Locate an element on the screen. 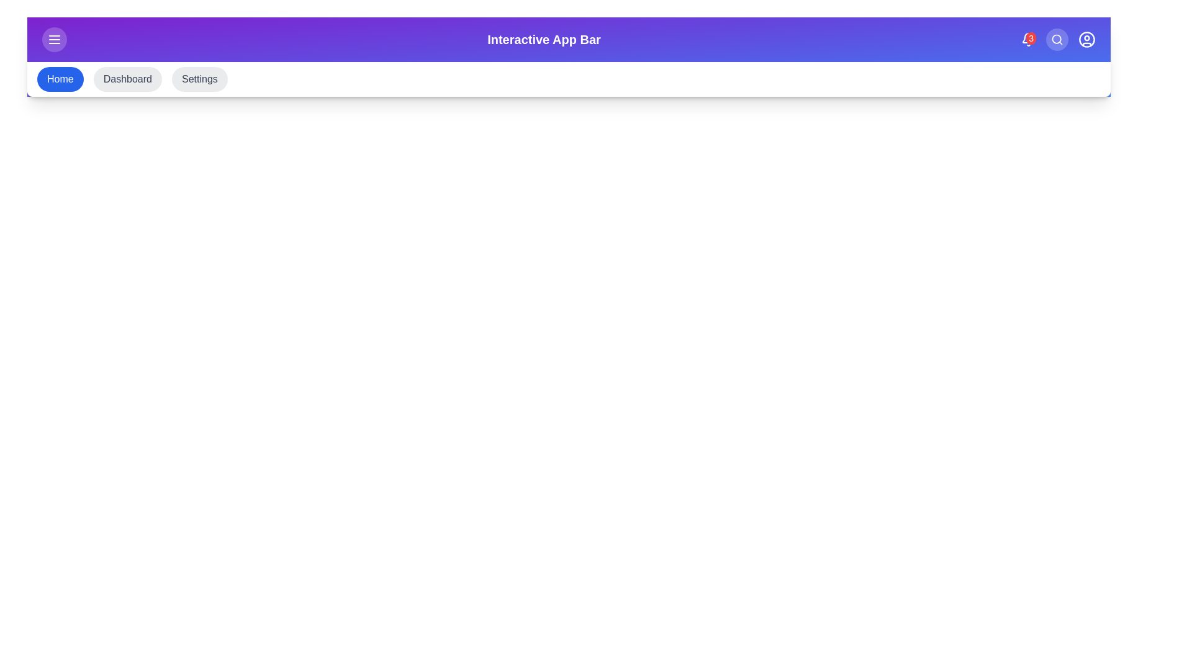 Image resolution: width=1192 pixels, height=670 pixels. the menu toggle button to expand or collapse the menu is located at coordinates (53, 39).